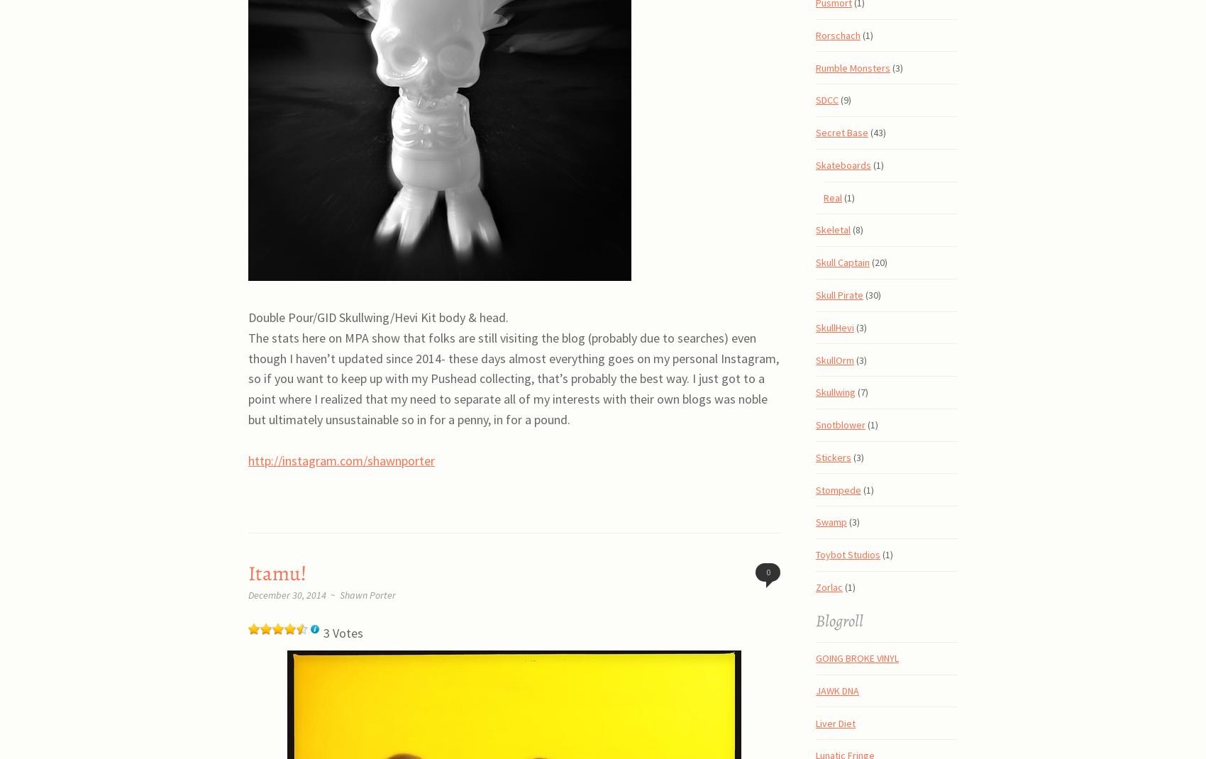 This screenshot has width=1206, height=759. Describe the element at coordinates (876, 132) in the screenshot. I see `'(43)'` at that location.